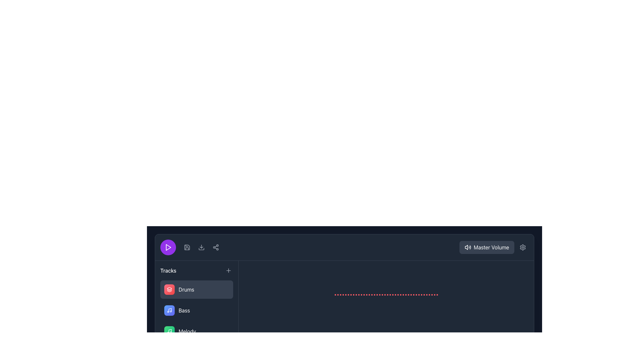 Image resolution: width=627 pixels, height=353 pixels. What do you see at coordinates (494, 247) in the screenshot?
I see `the 'Master Volume' interactive button located in the top-right corner of the control bar` at bounding box center [494, 247].